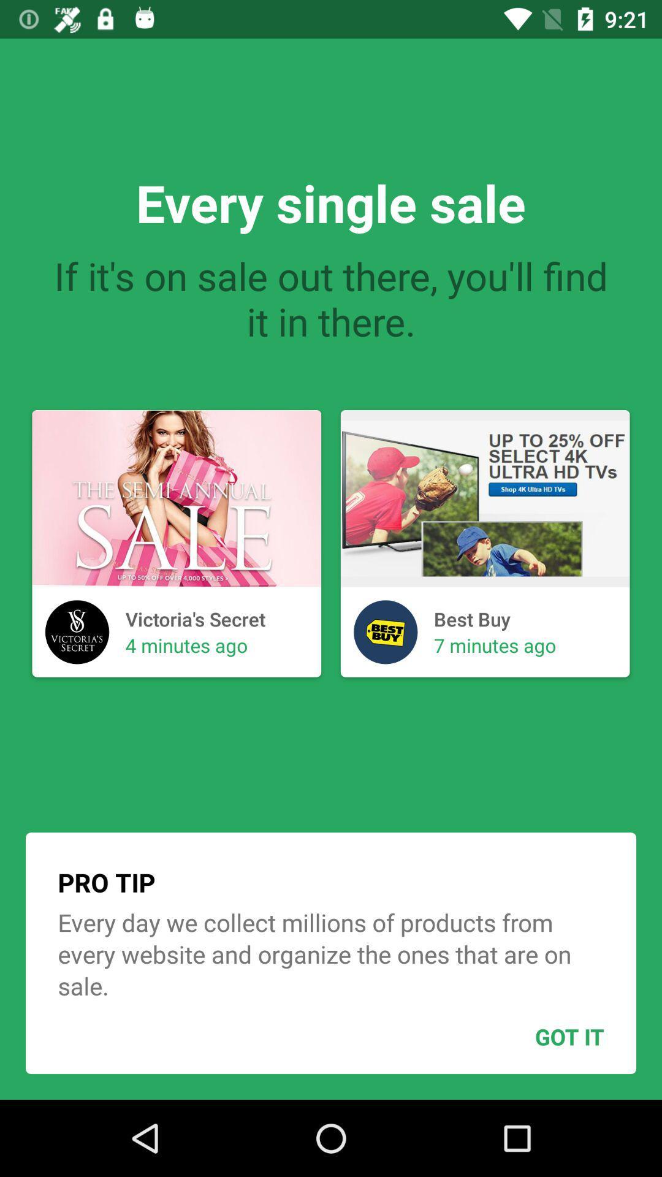 This screenshot has width=662, height=1177. Describe the element at coordinates (539, 1036) in the screenshot. I see `the got it` at that location.